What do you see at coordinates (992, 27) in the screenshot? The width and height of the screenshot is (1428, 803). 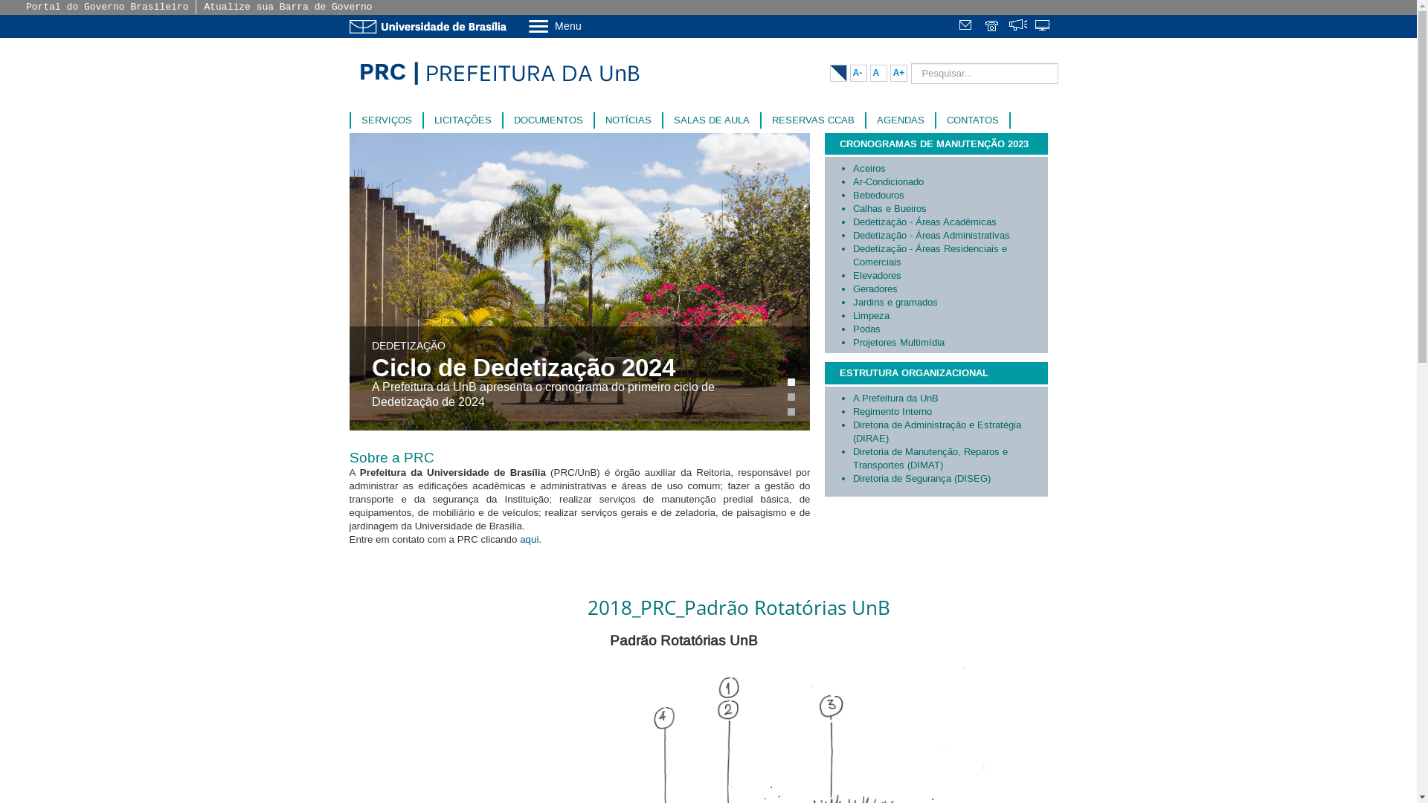 I see `'Telefones da UnB'` at bounding box center [992, 27].